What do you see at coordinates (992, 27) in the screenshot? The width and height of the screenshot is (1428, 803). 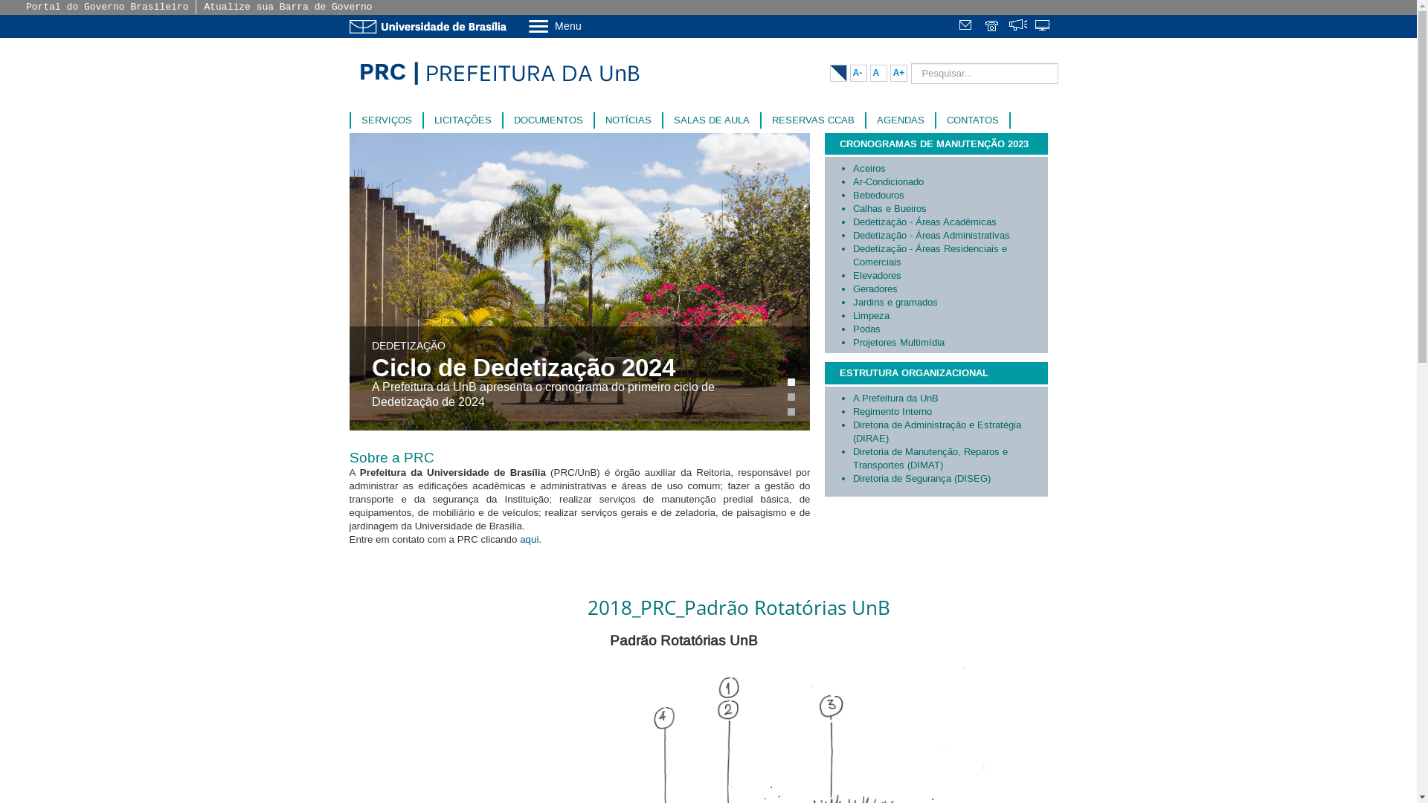 I see `'Telefones da UnB'` at bounding box center [992, 27].